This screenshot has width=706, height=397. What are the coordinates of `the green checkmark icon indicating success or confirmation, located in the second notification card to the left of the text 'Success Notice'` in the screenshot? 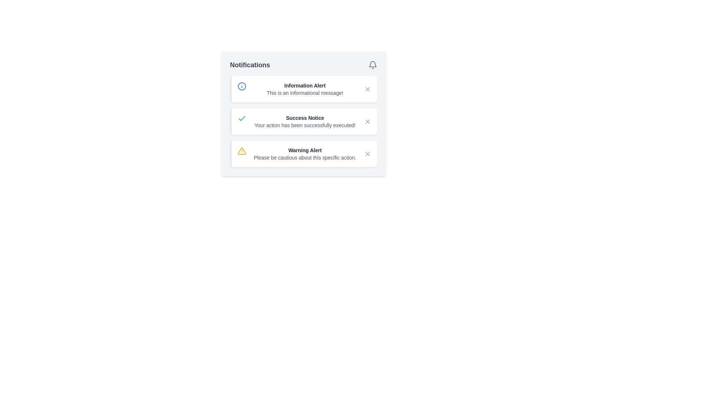 It's located at (242, 118).